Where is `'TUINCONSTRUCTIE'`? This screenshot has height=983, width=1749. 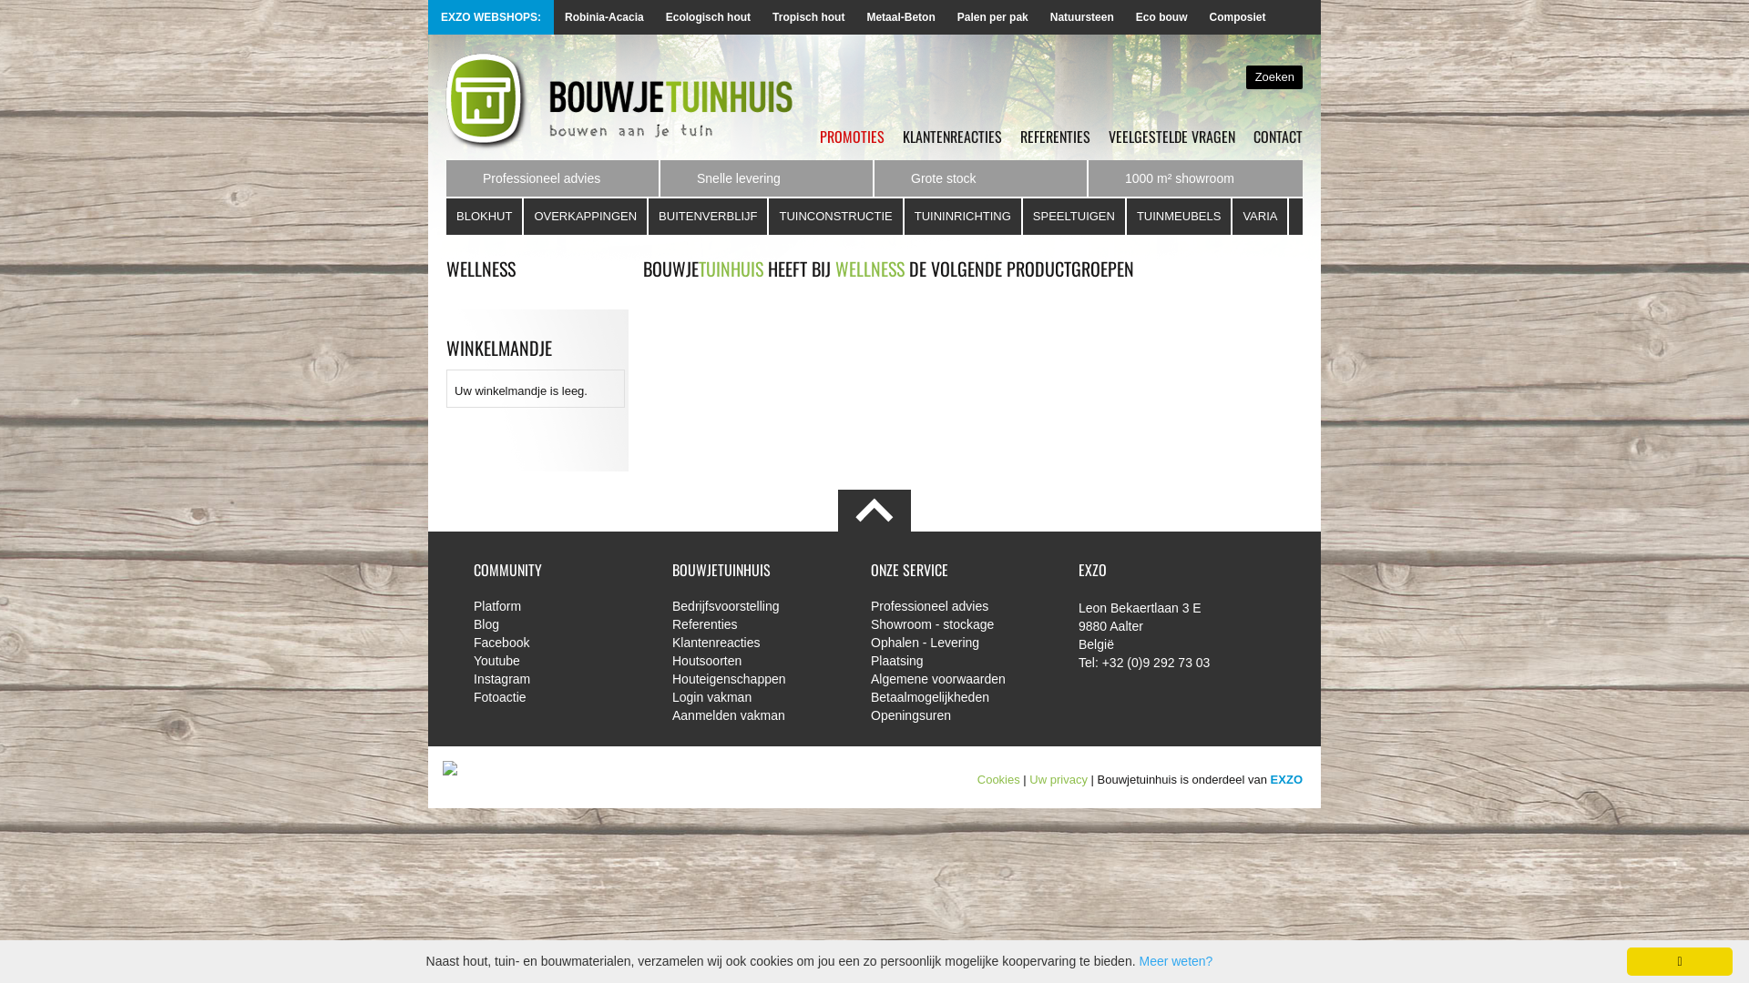 'TUINCONSTRUCTIE' is located at coordinates (834, 216).